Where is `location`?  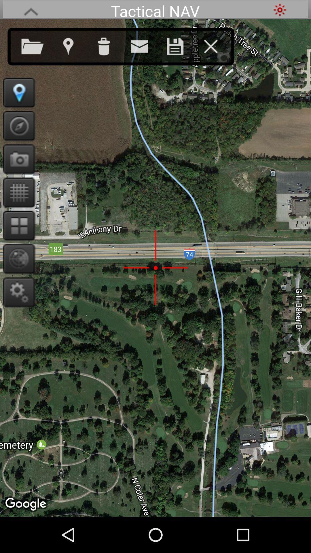 location is located at coordinates (17, 92).